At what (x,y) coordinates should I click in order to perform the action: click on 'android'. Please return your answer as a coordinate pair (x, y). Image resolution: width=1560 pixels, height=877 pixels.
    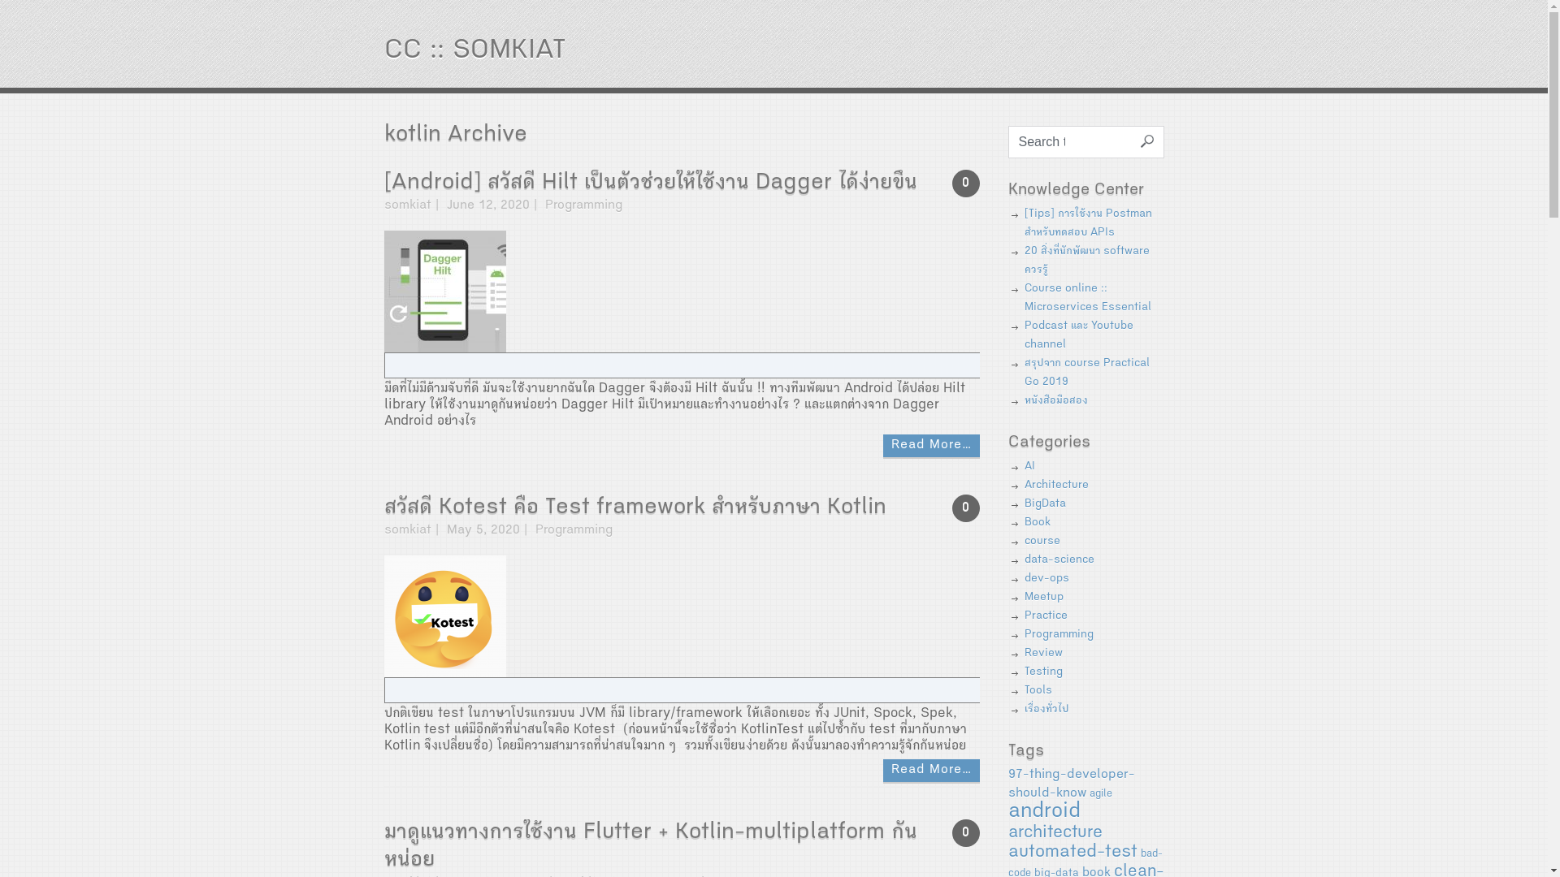
    Looking at the image, I should click on (1006, 813).